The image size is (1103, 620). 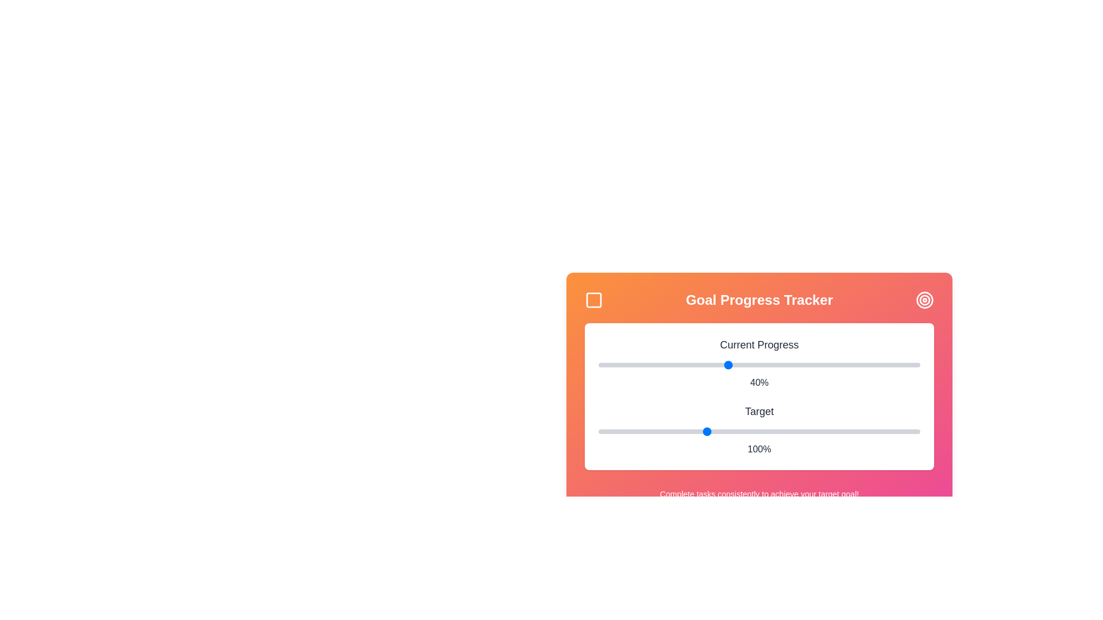 I want to click on the 'Target' slider to set its value to 164, so click(x=843, y=432).